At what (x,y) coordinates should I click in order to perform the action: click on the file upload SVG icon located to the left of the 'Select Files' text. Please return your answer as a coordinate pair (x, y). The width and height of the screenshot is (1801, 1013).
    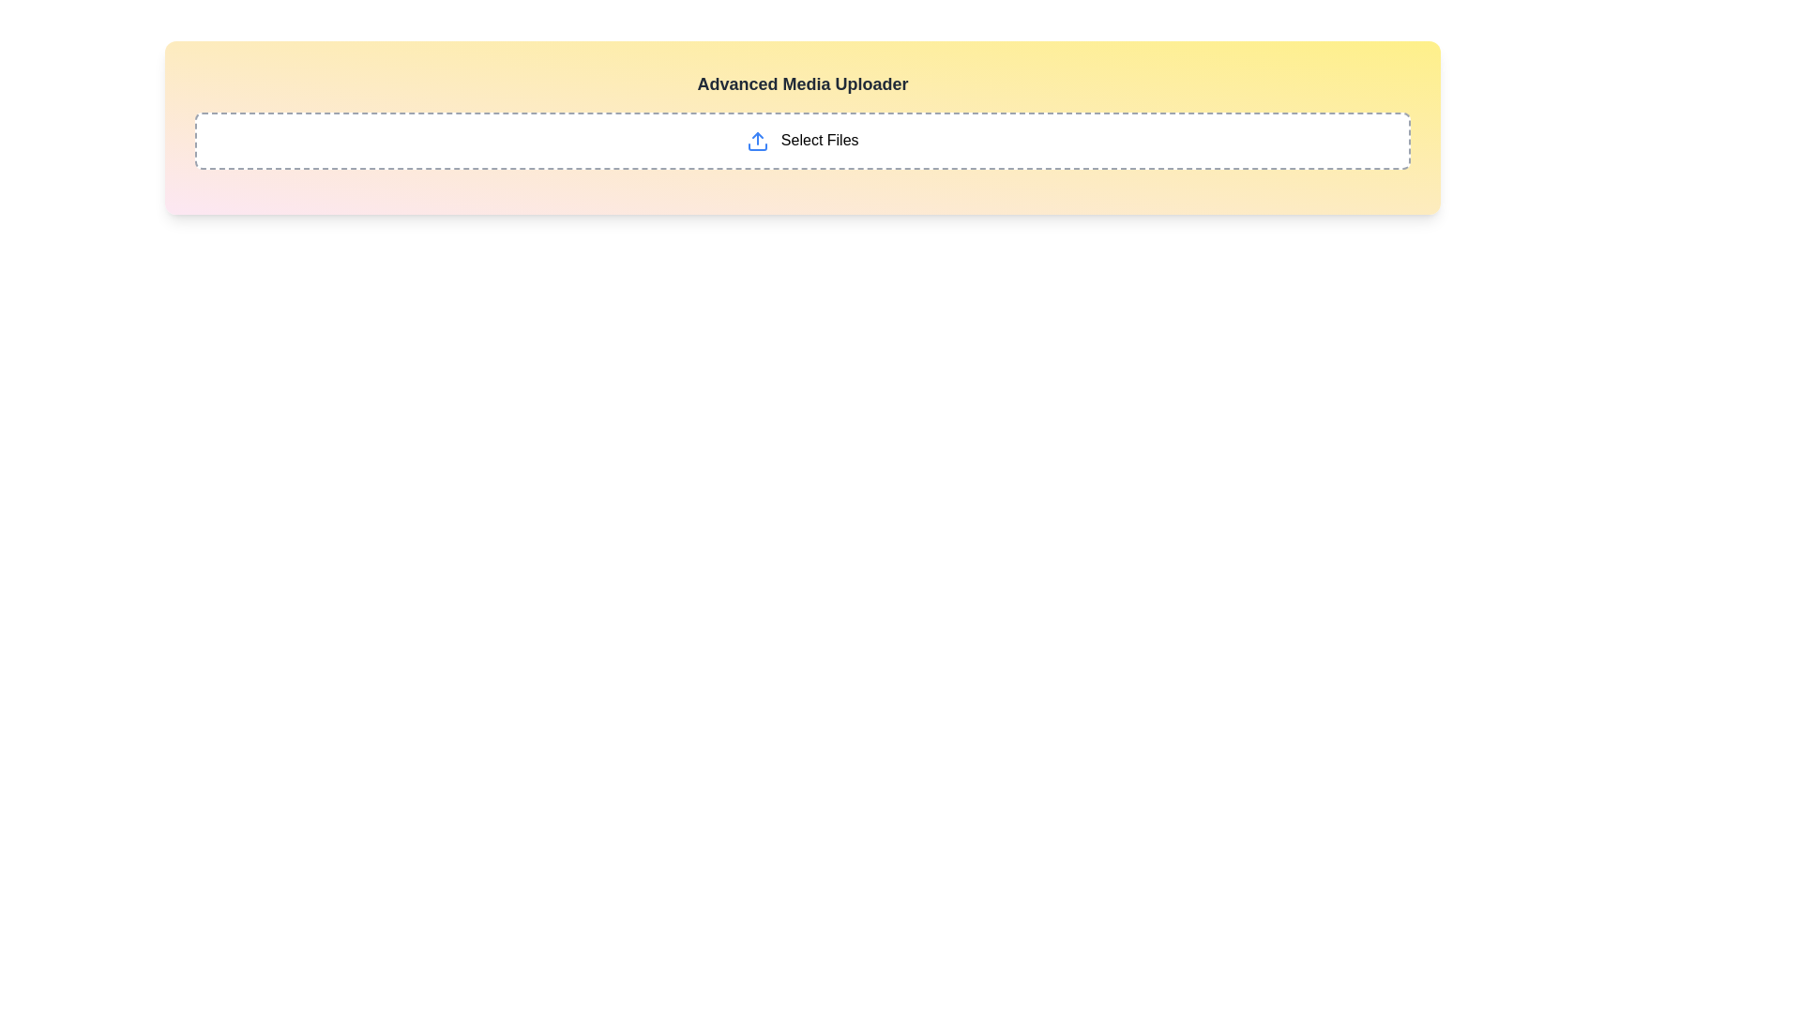
    Looking at the image, I should click on (758, 140).